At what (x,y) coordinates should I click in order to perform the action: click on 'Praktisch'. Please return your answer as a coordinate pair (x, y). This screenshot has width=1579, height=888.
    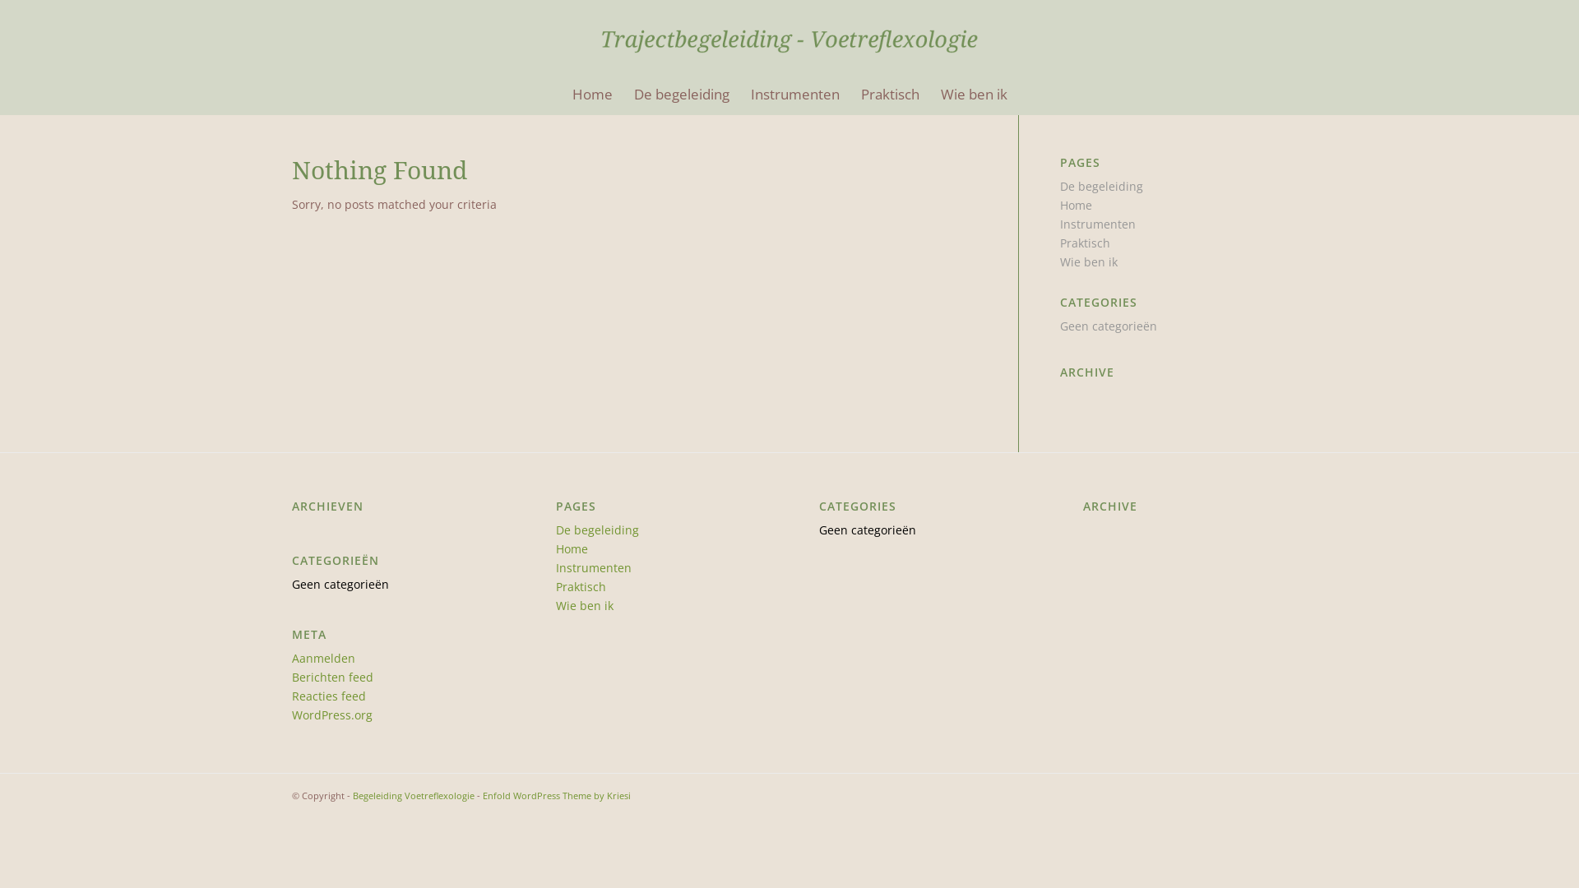
    Looking at the image, I should click on (1085, 243).